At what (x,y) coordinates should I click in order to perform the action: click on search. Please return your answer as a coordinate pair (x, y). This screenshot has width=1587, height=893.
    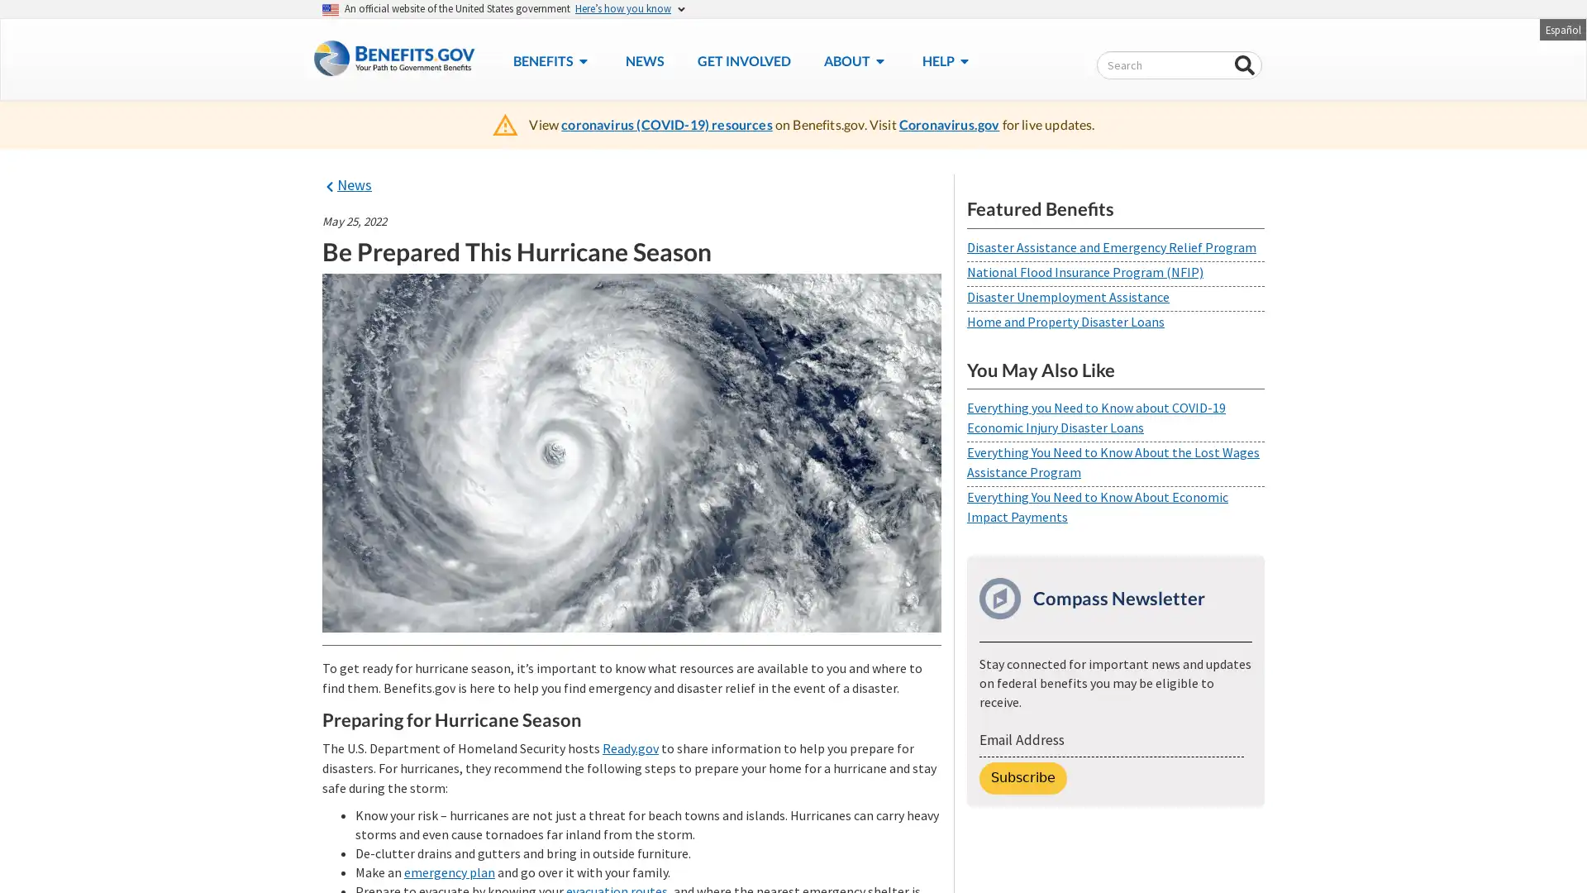
    Looking at the image, I should click on (1245, 65).